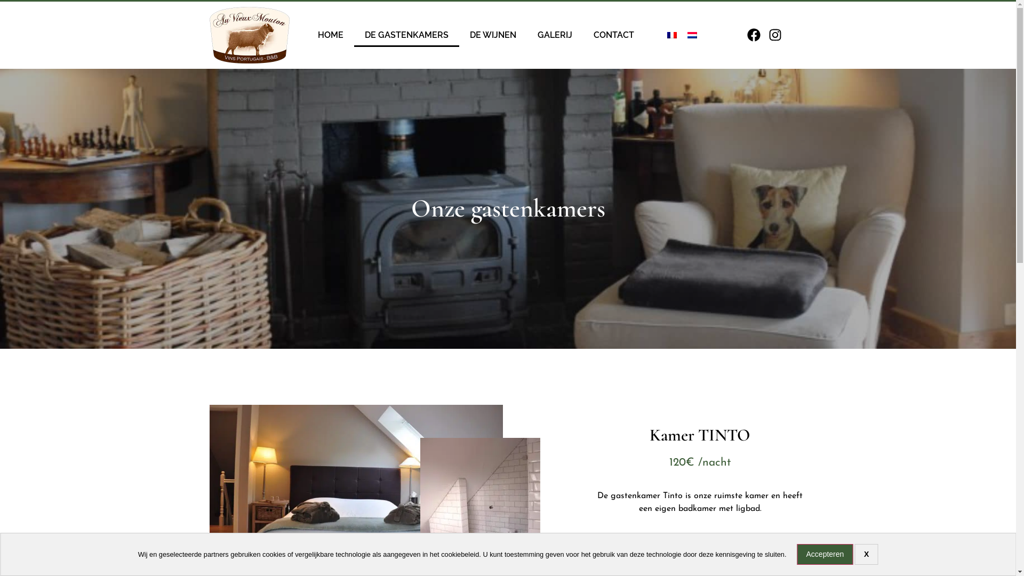 Image resolution: width=1024 pixels, height=576 pixels. Describe the element at coordinates (406, 34) in the screenshot. I see `'DE GASTENKAMERS'` at that location.